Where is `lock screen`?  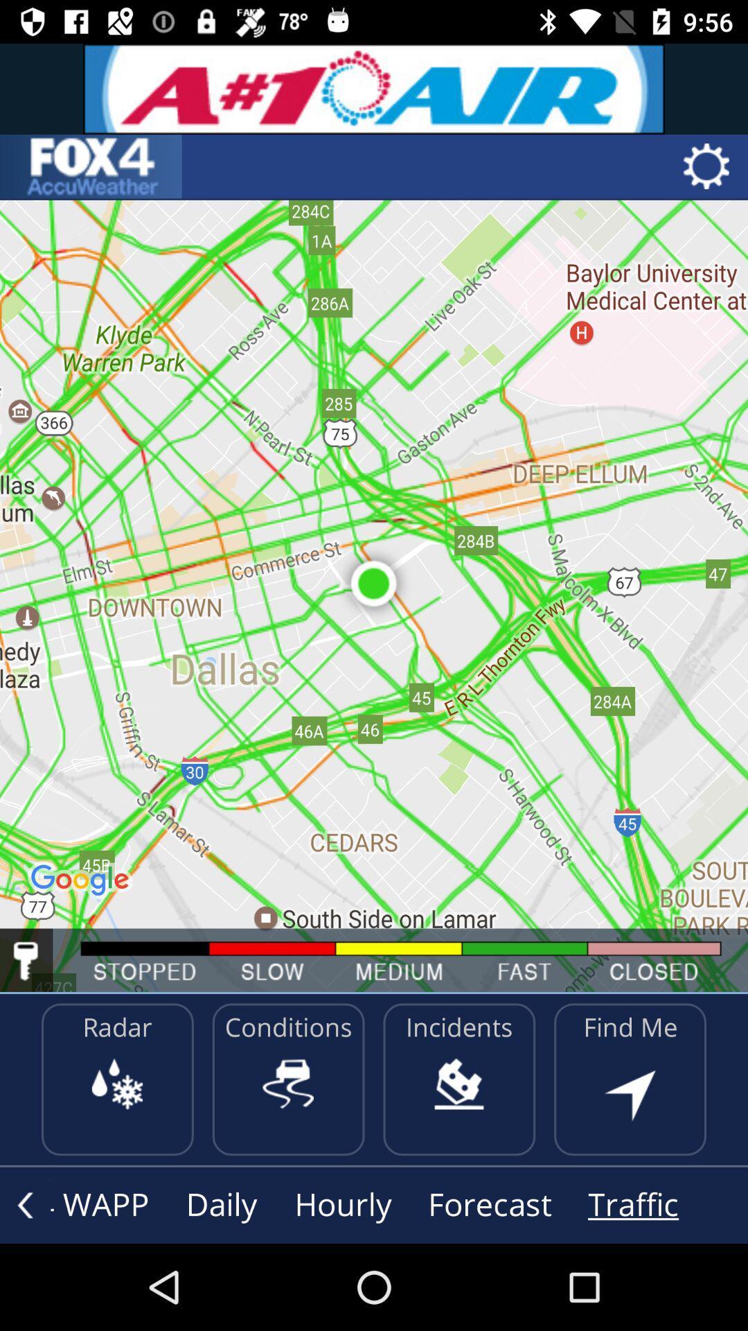
lock screen is located at coordinates (26, 960).